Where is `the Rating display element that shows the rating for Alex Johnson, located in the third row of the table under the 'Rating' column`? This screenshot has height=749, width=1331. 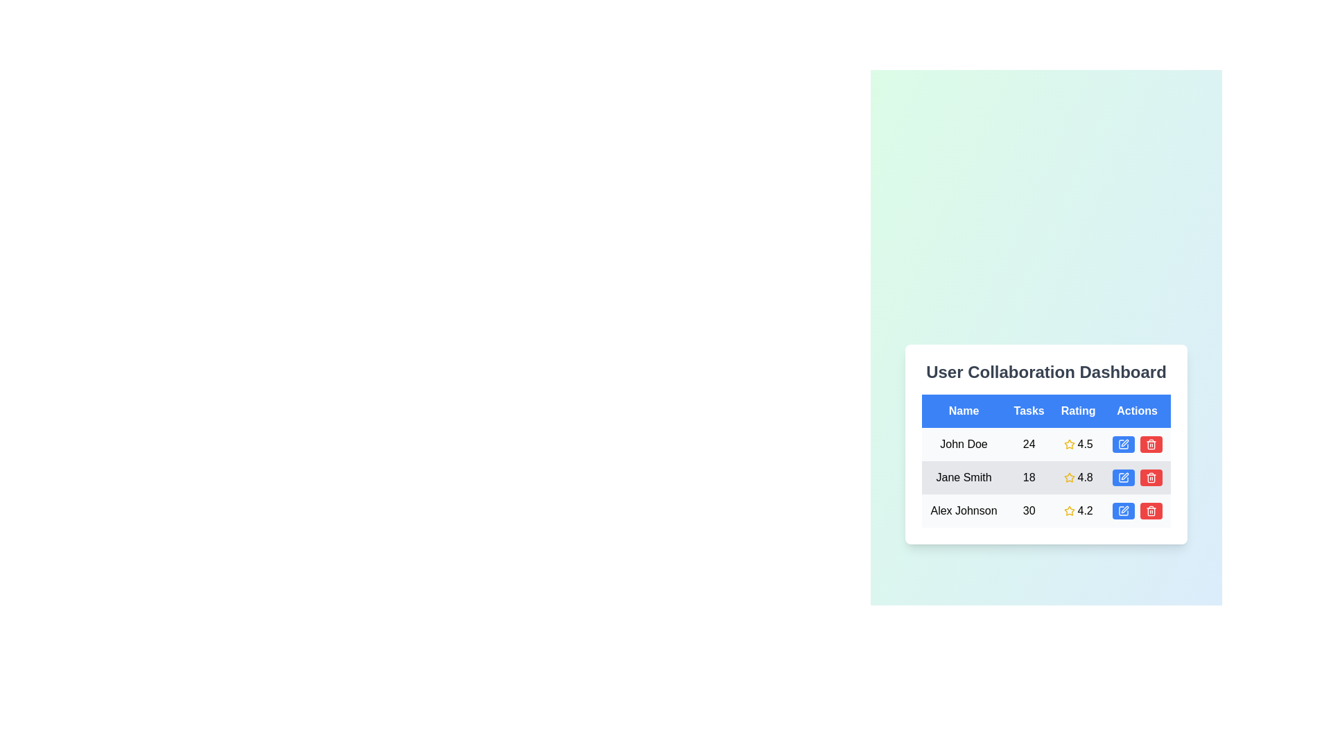
the Rating display element that shows the rating for Alex Johnson, located in the third row of the table under the 'Rating' column is located at coordinates (1077, 510).